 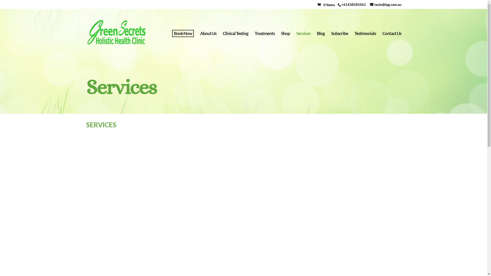 I want to click on '0 Items', so click(x=327, y=5).